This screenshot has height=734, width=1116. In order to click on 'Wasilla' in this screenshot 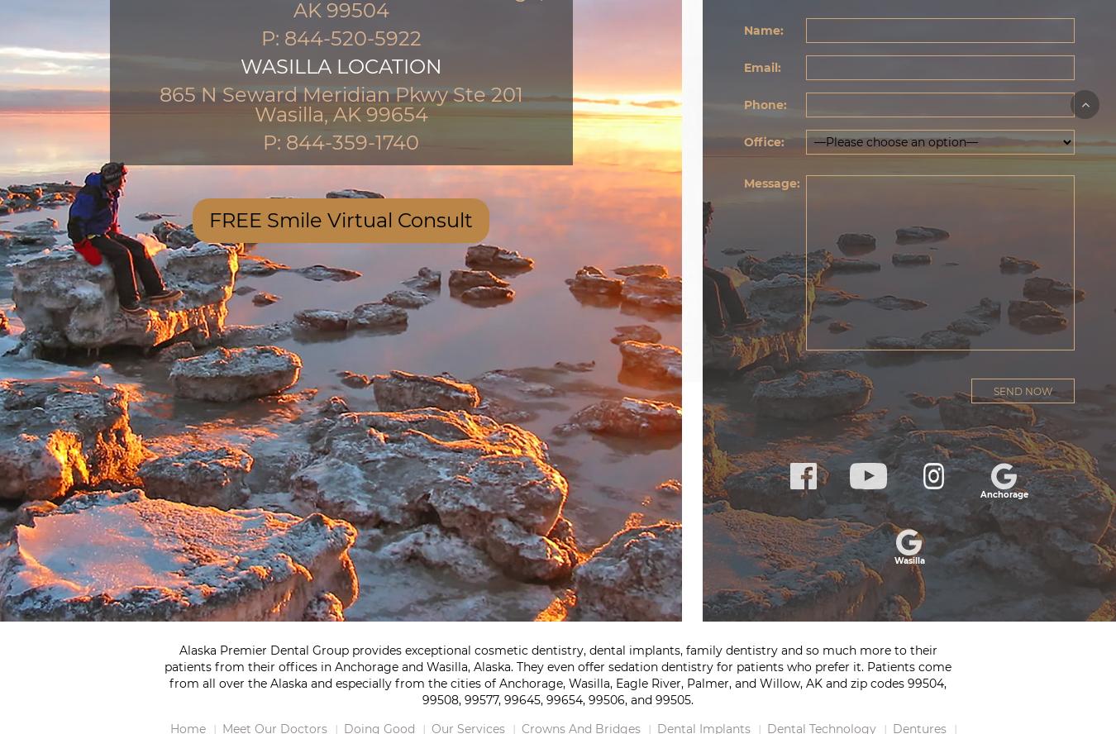, I will do `click(909, 560)`.